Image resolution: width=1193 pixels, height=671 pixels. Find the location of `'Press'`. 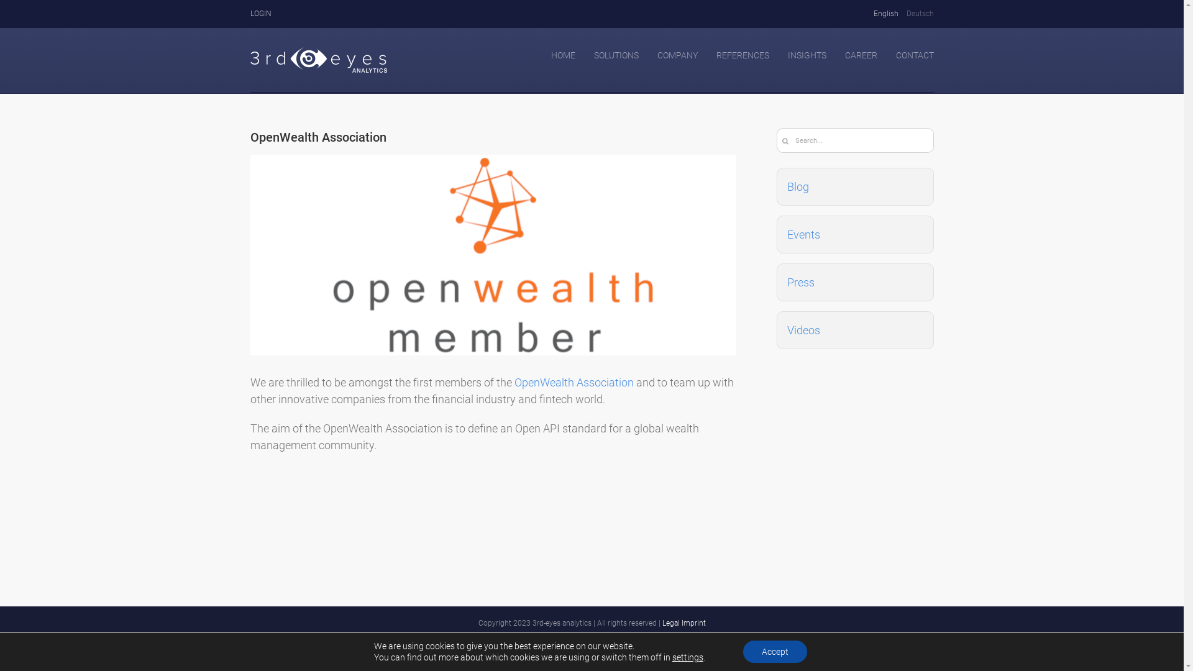

'Press' is located at coordinates (786, 282).